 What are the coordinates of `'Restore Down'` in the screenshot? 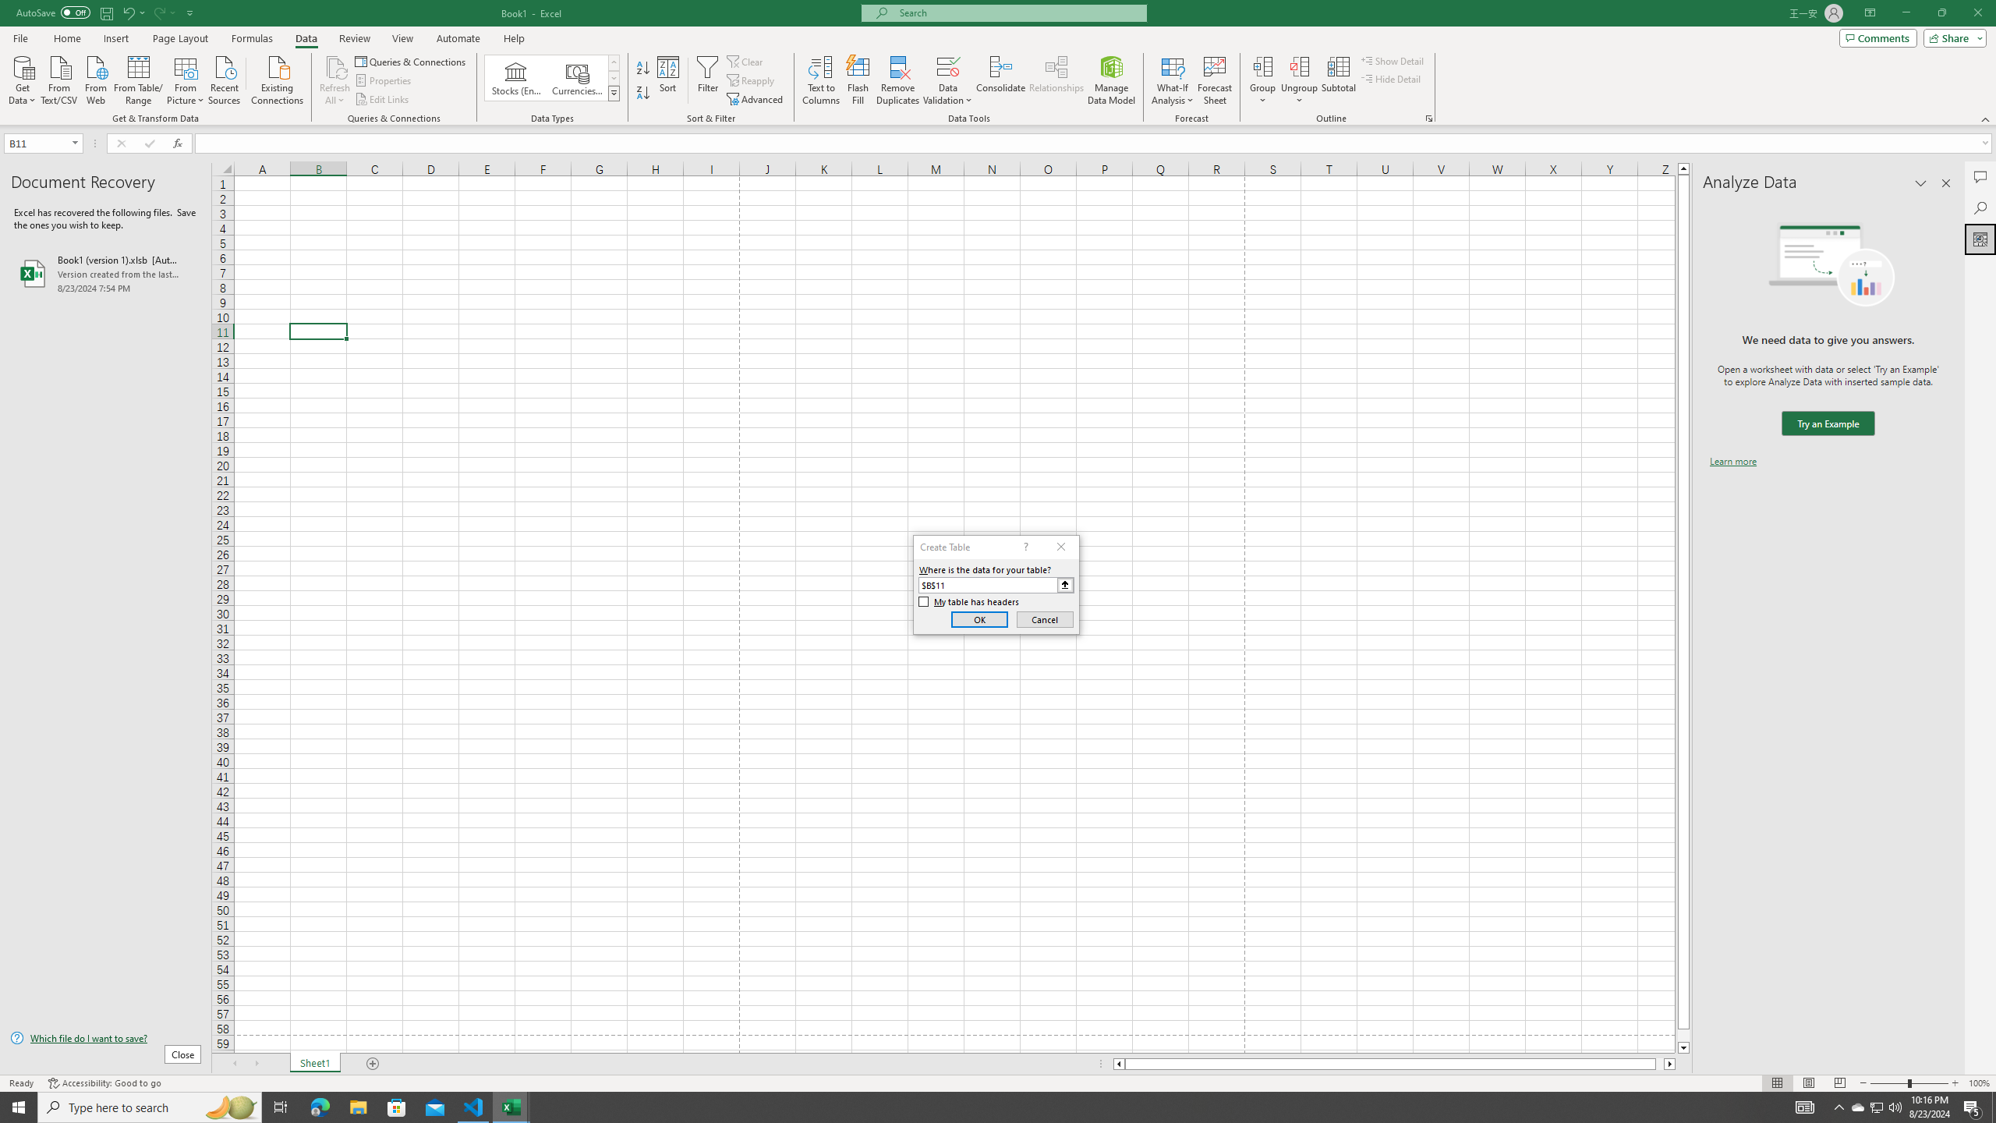 It's located at (1941, 12).